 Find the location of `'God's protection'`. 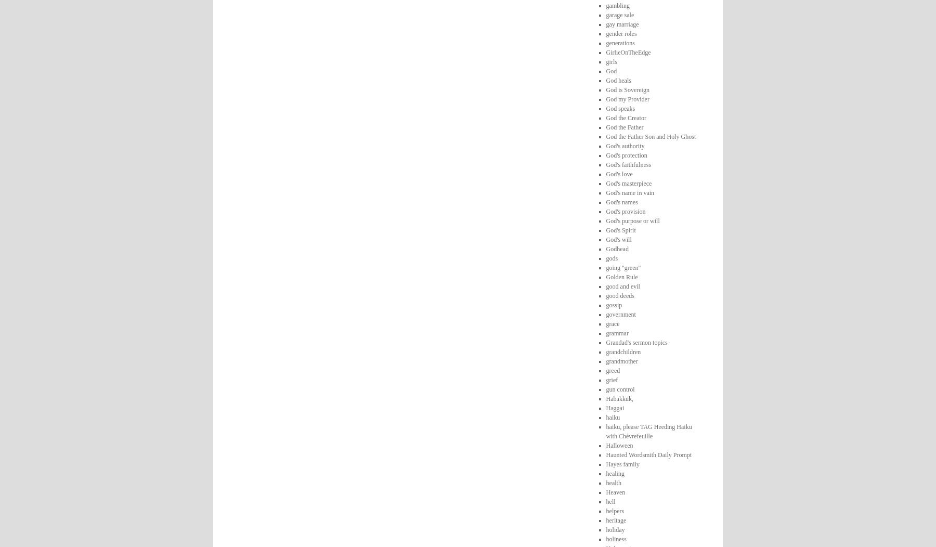

'God's protection' is located at coordinates (626, 155).